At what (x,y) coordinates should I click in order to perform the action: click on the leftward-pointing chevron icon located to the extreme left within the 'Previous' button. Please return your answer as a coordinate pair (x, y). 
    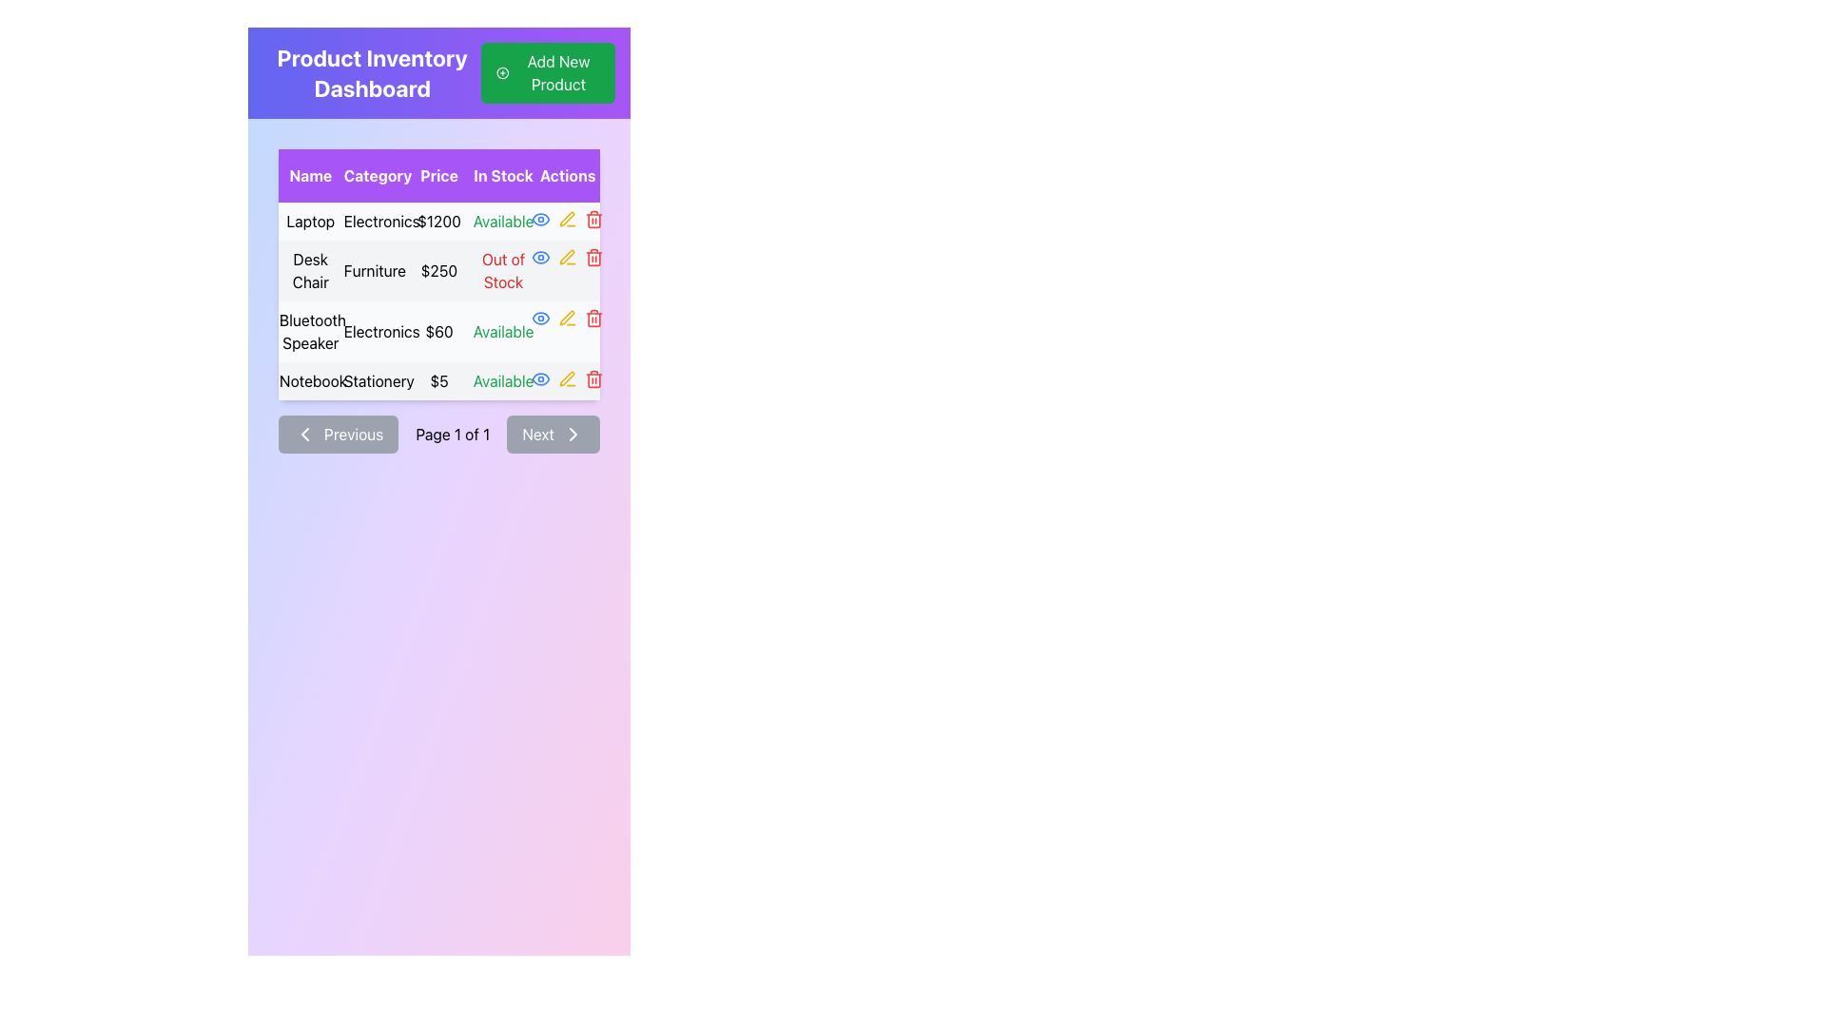
    Looking at the image, I should click on (305, 434).